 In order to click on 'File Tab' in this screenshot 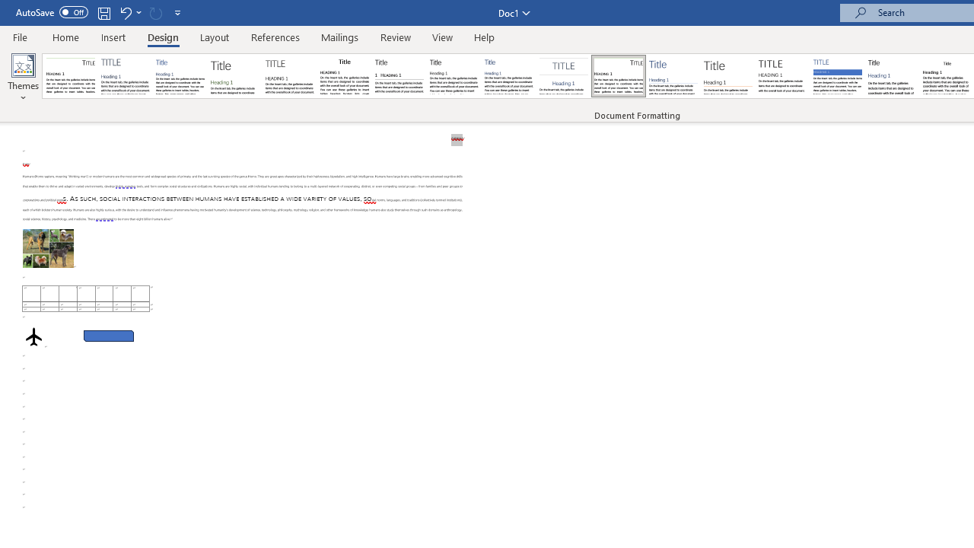, I will do `click(20, 36)`.